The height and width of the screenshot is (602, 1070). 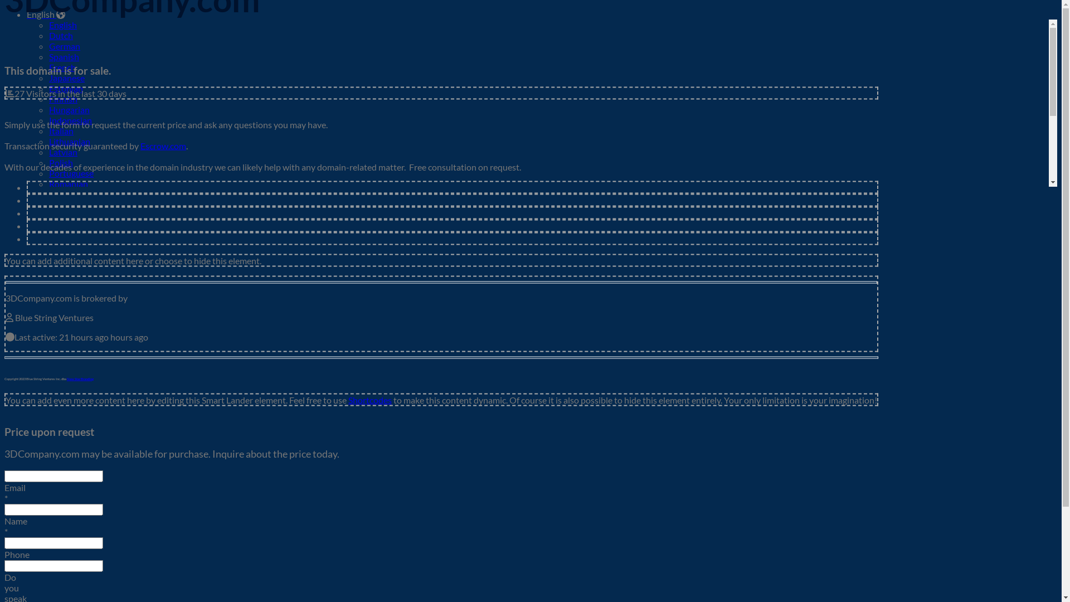 What do you see at coordinates (48, 205) in the screenshot?
I see `'Slovak'` at bounding box center [48, 205].